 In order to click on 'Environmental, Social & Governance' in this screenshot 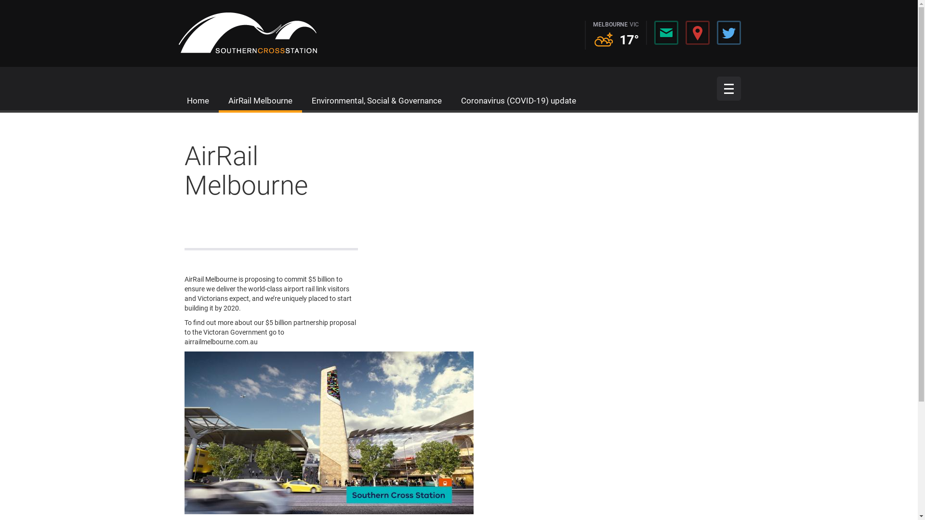, I will do `click(311, 100)`.